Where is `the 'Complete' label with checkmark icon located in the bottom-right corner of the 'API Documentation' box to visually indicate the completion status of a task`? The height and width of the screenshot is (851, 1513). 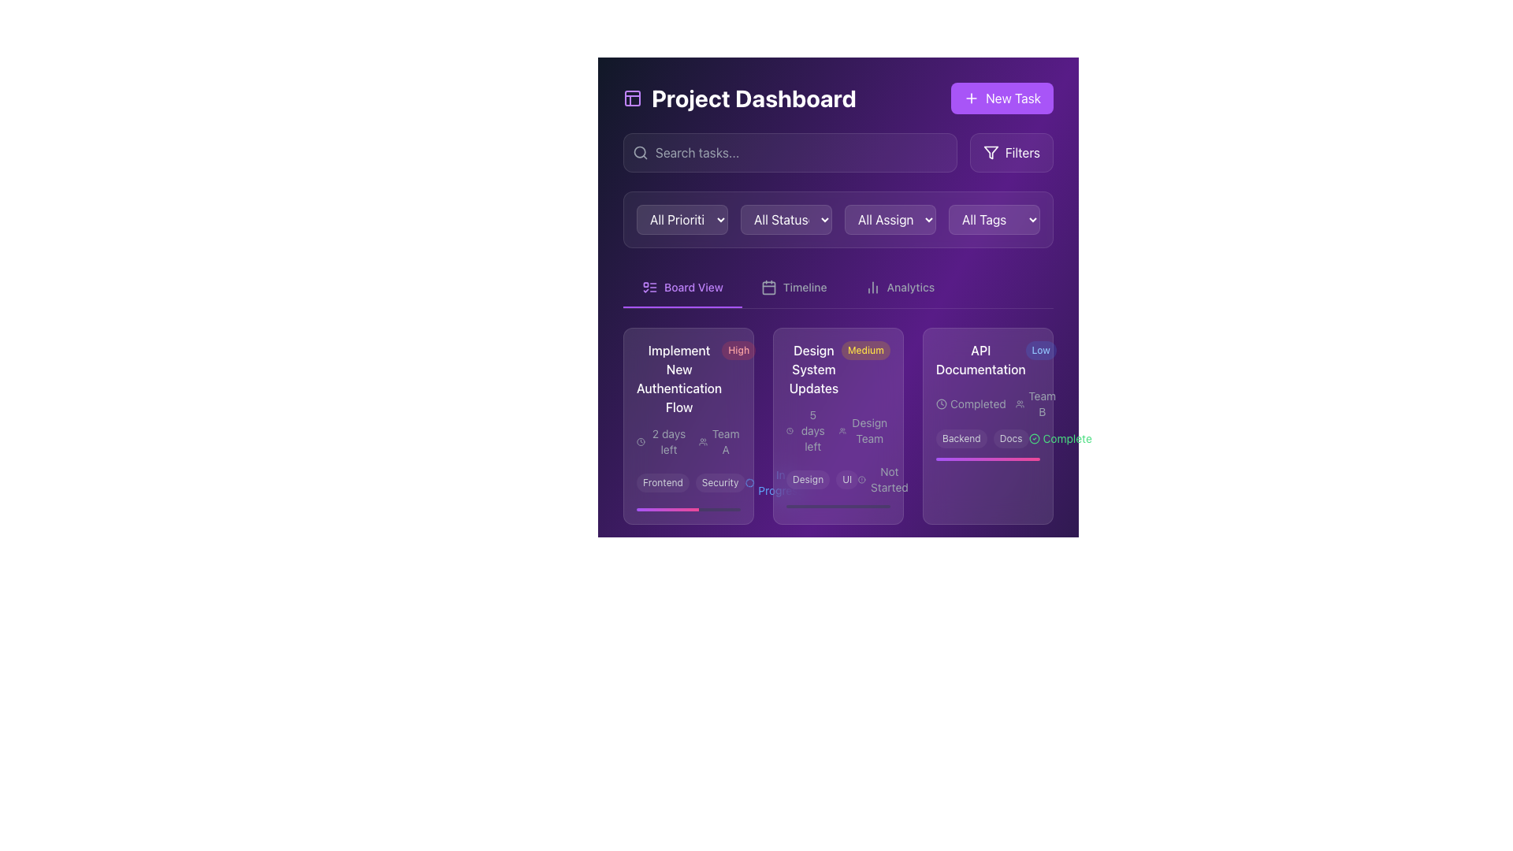
the 'Complete' label with checkmark icon located in the bottom-right corner of the 'API Documentation' box to visually indicate the completion status of a task is located at coordinates (1060, 438).